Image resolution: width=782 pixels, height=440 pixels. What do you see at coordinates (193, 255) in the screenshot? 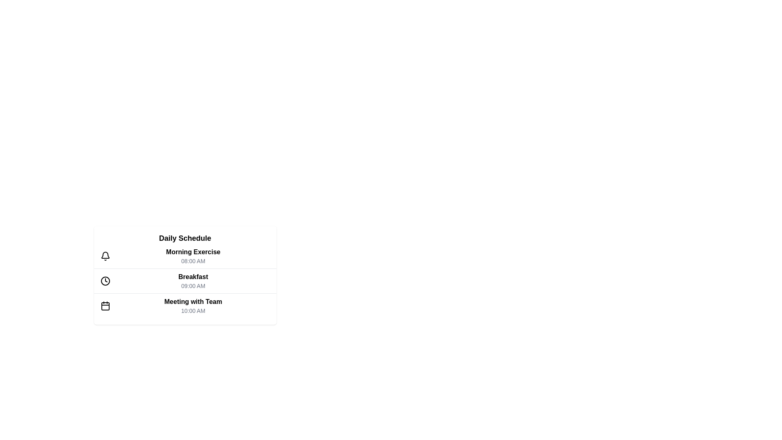
I see `the list item titled 'Morning Exercise' which displays the time '08:00 AM'` at bounding box center [193, 255].